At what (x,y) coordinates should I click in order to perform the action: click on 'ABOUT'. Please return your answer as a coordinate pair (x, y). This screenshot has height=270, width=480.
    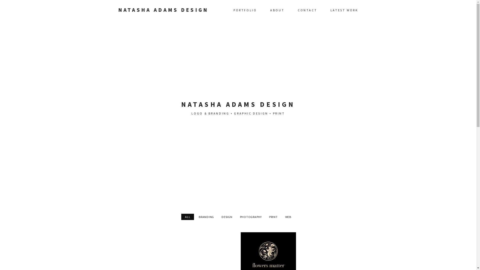
    Looking at the image, I should click on (277, 10).